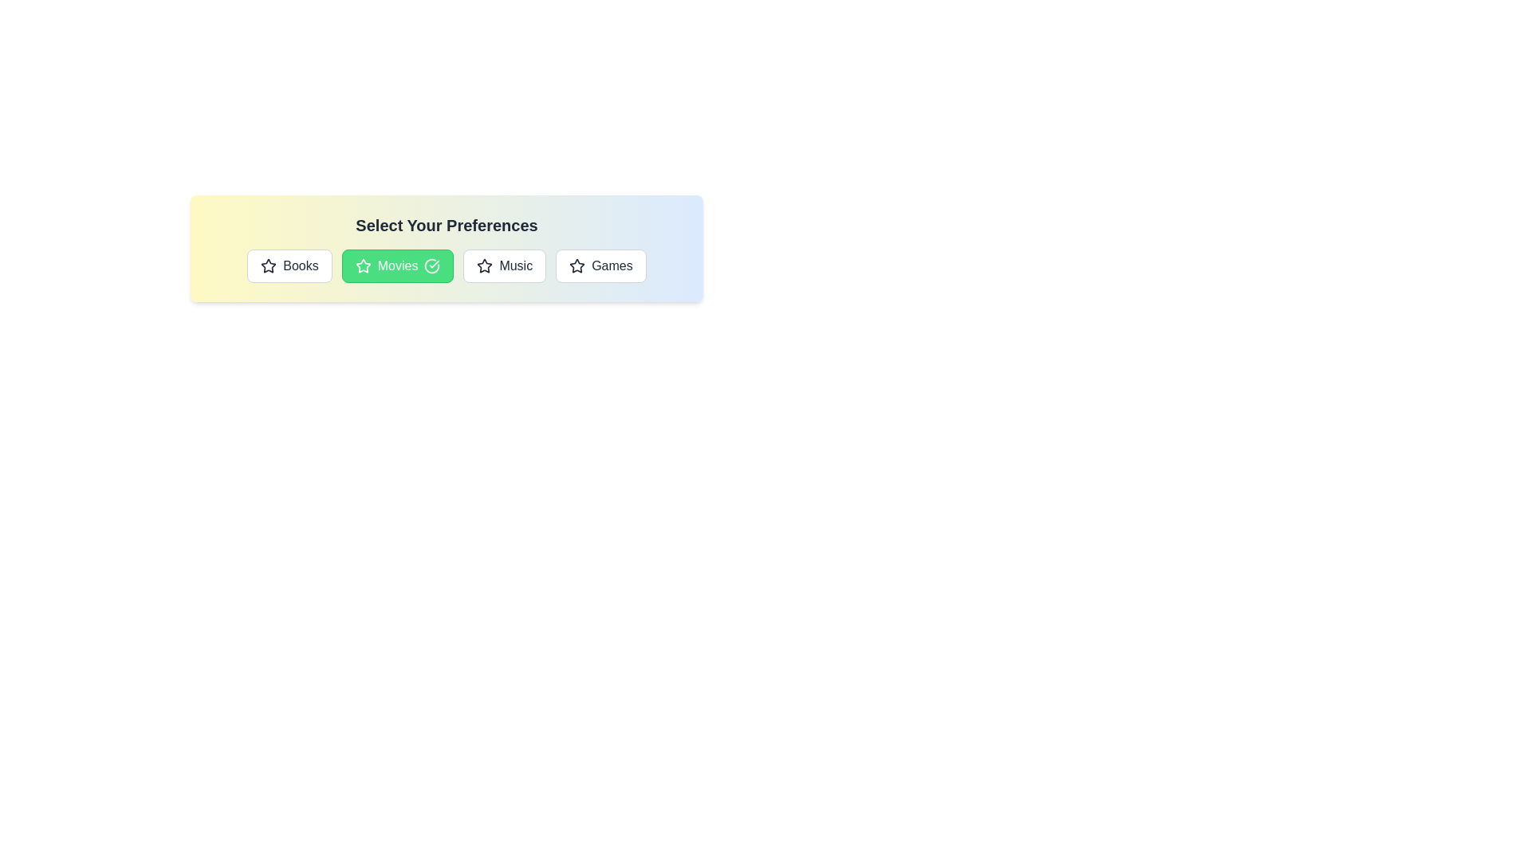 Image resolution: width=1531 pixels, height=861 pixels. I want to click on the button labeled Music to see its hover effects, so click(504, 265).